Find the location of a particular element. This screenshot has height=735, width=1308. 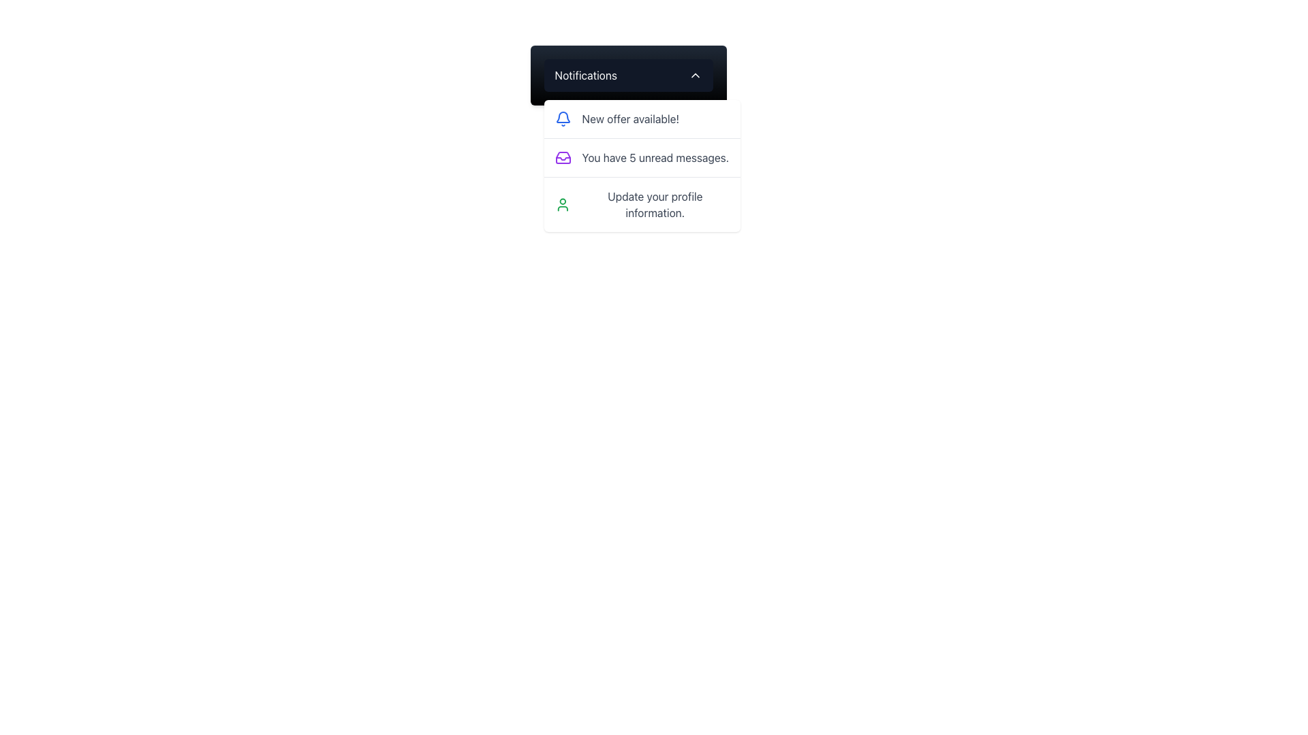

the chevron icon in the Notifications section is located at coordinates (695, 76).